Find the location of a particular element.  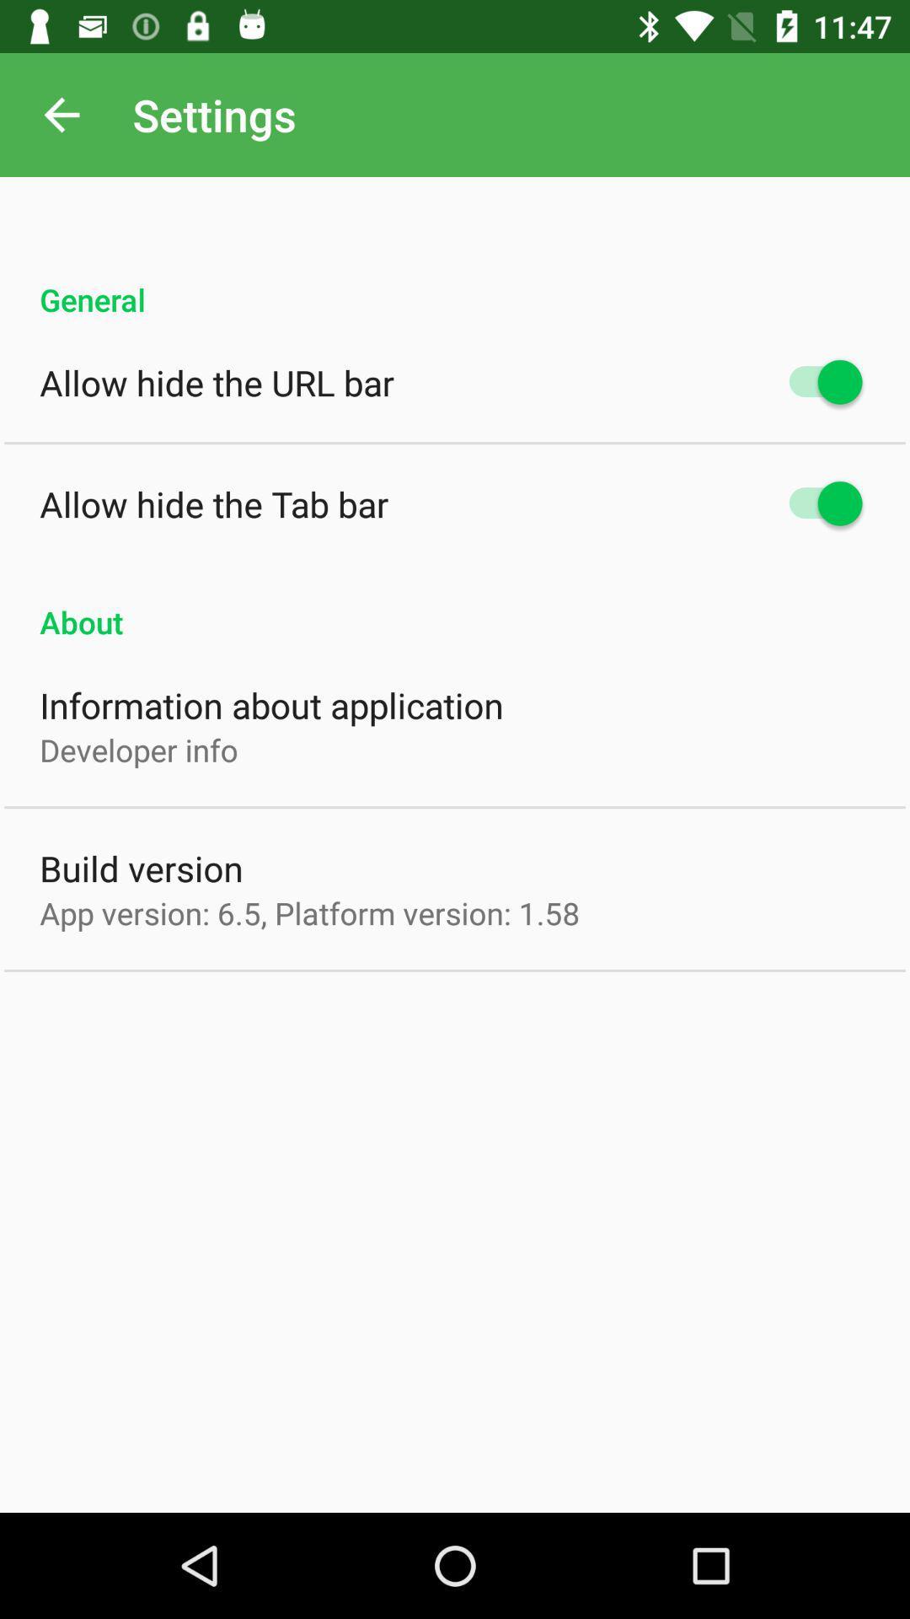

item above general is located at coordinates (61, 114).